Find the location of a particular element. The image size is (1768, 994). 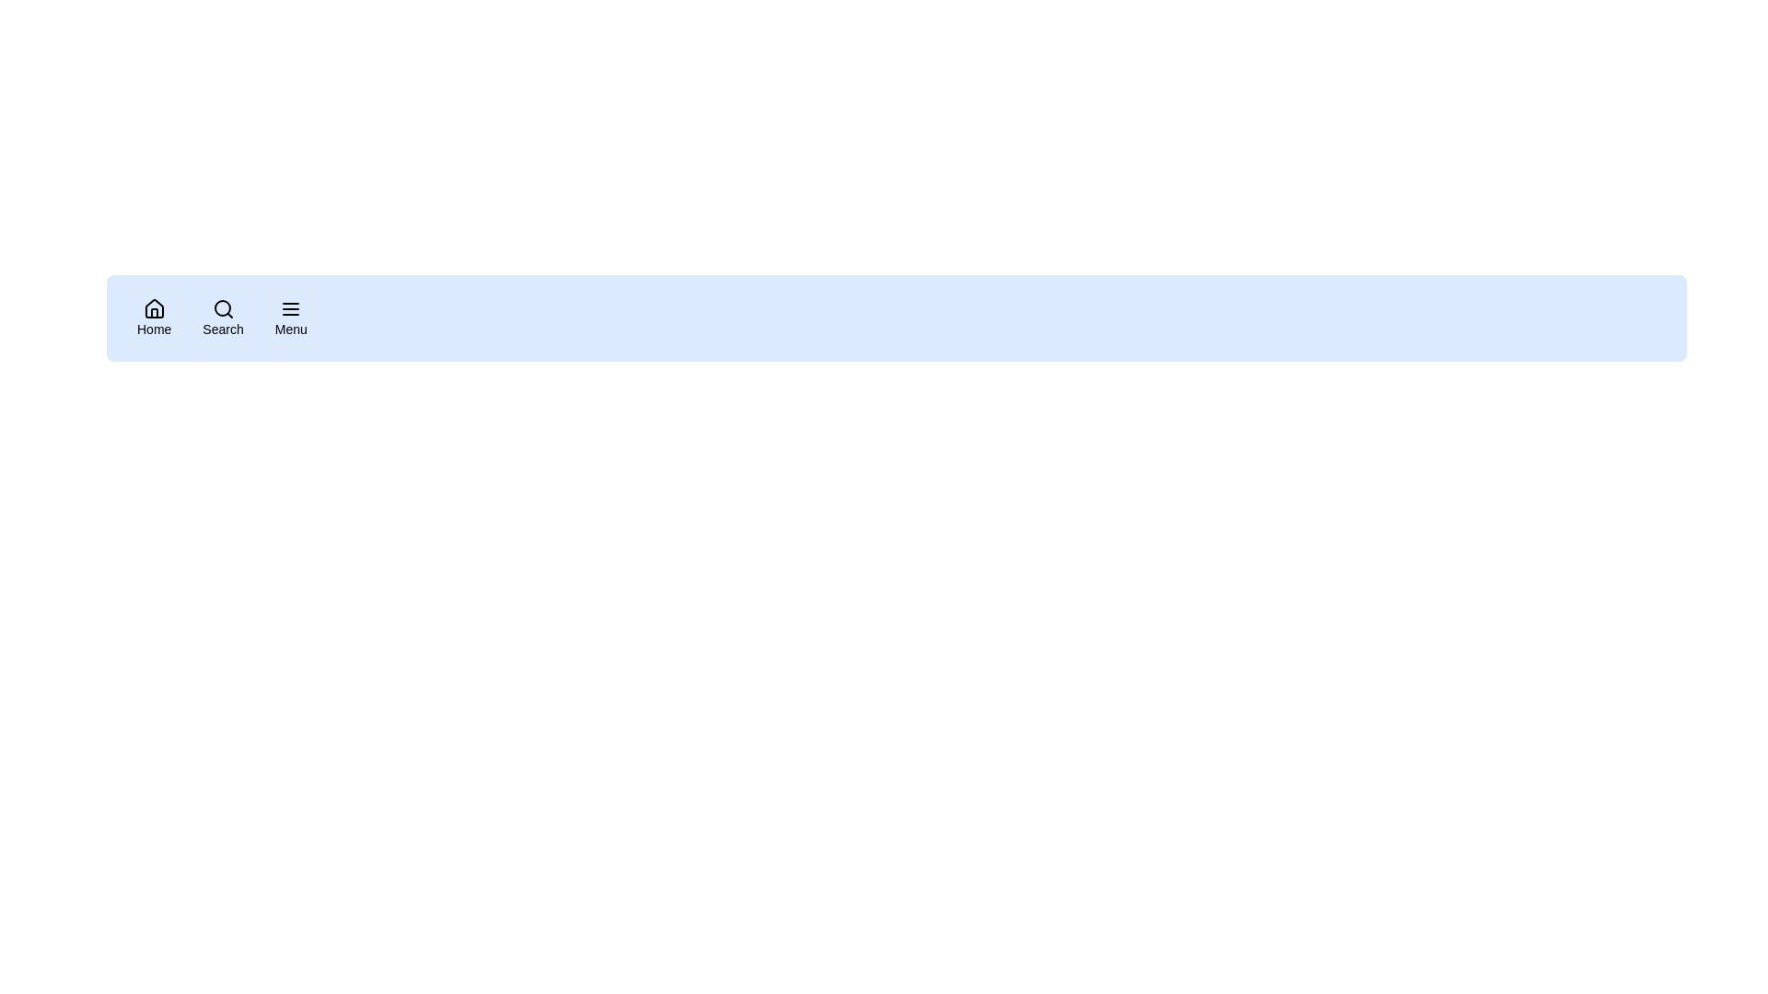

the 'Home' button, which is the first button on the left with a house icon and rounded border, to change its background color is located at coordinates (154, 318).